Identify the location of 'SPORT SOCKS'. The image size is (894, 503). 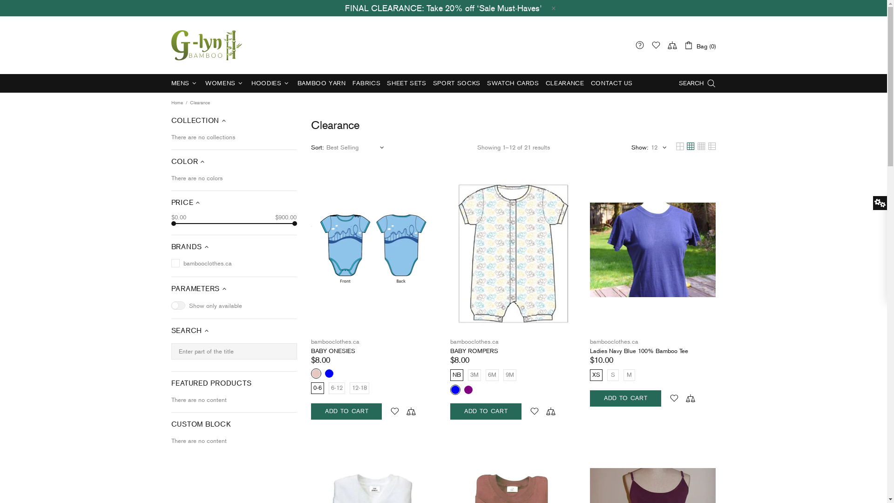
(456, 82).